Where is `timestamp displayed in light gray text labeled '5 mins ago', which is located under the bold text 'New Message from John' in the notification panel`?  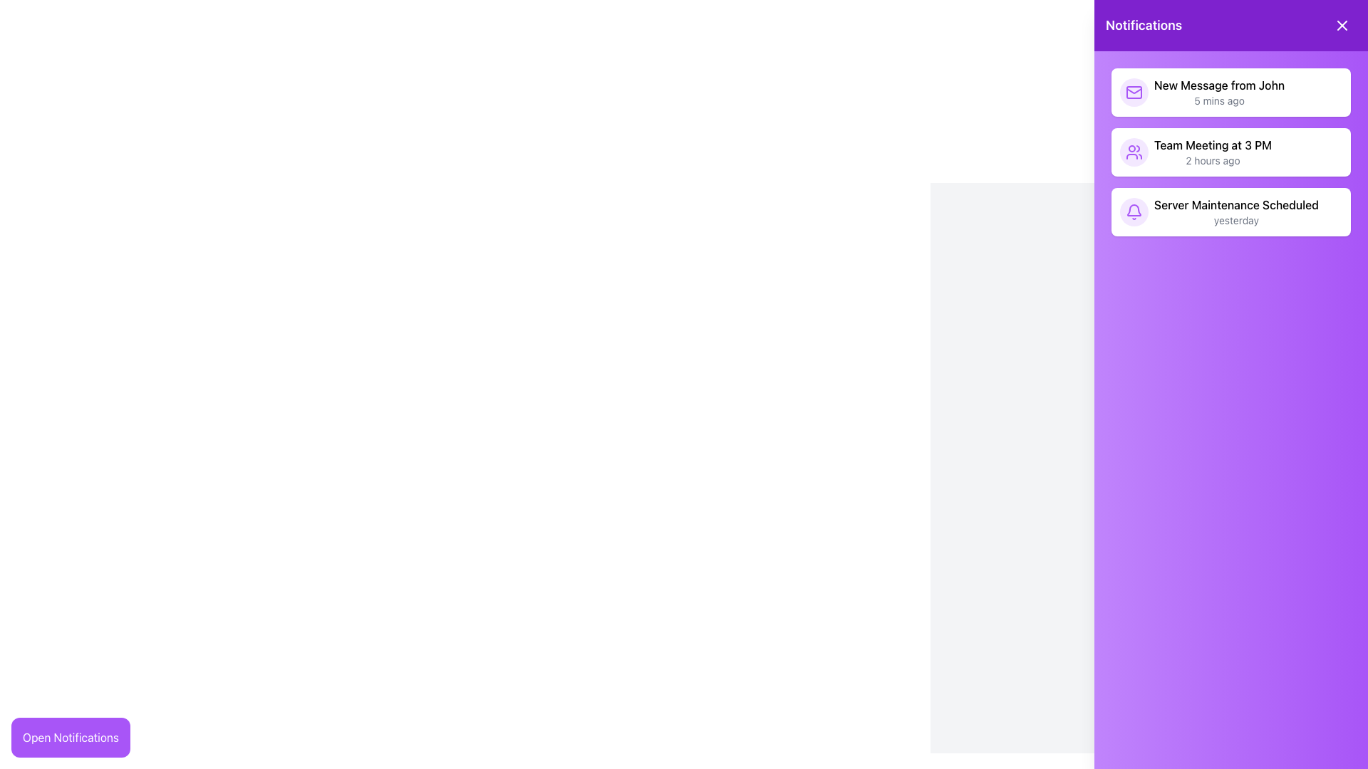
timestamp displayed in light gray text labeled '5 mins ago', which is located under the bold text 'New Message from John' in the notification panel is located at coordinates (1218, 100).